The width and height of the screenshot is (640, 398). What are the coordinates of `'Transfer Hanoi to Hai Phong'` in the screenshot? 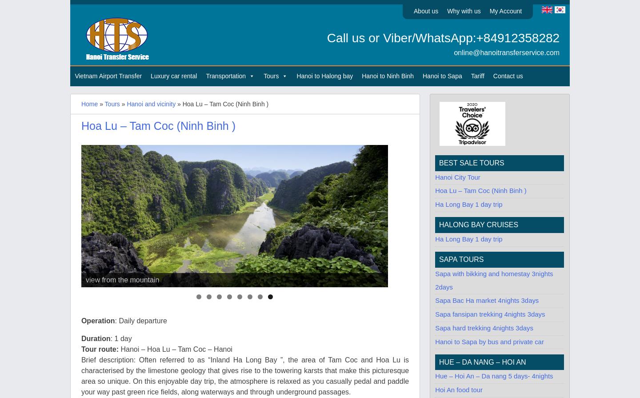 It's located at (245, 113).